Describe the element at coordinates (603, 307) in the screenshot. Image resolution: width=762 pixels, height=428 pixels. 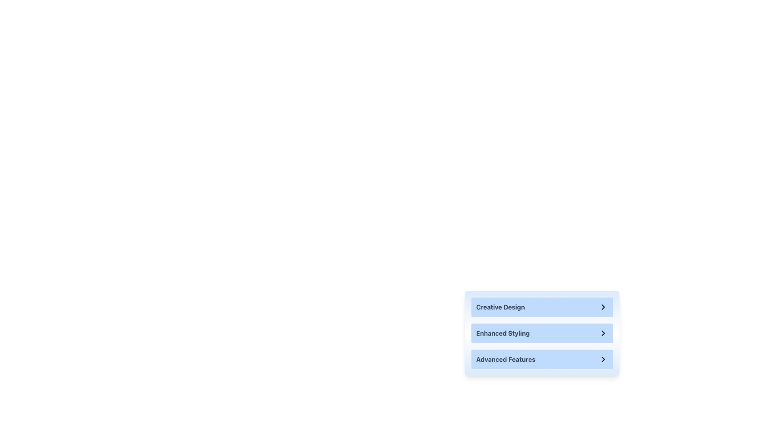
I see `the chevron icon located to the right of the 'Creative Design' label` at that location.